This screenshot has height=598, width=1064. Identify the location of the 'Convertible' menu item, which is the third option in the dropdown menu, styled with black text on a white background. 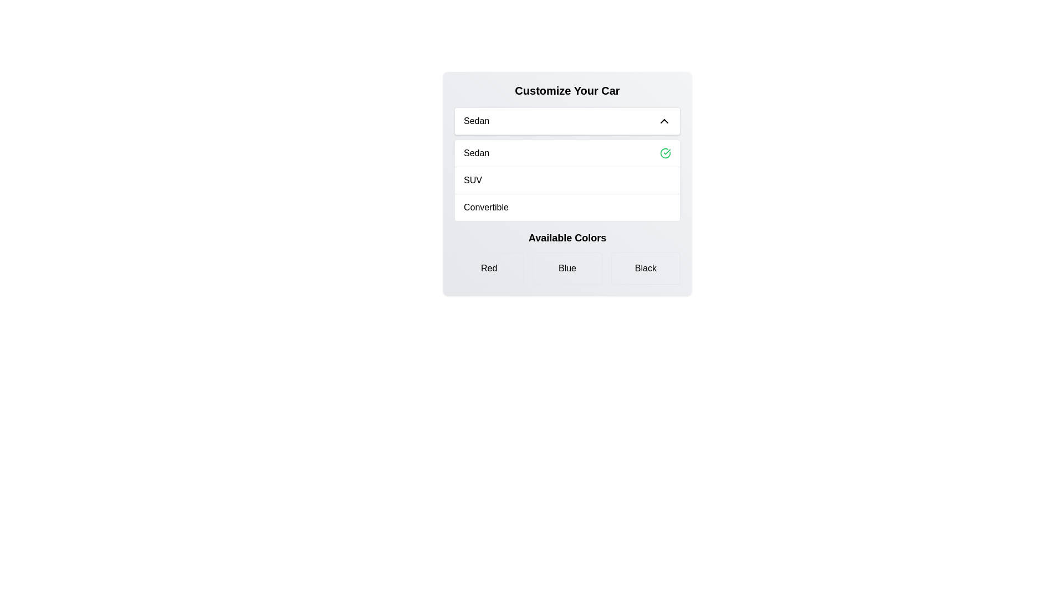
(486, 207).